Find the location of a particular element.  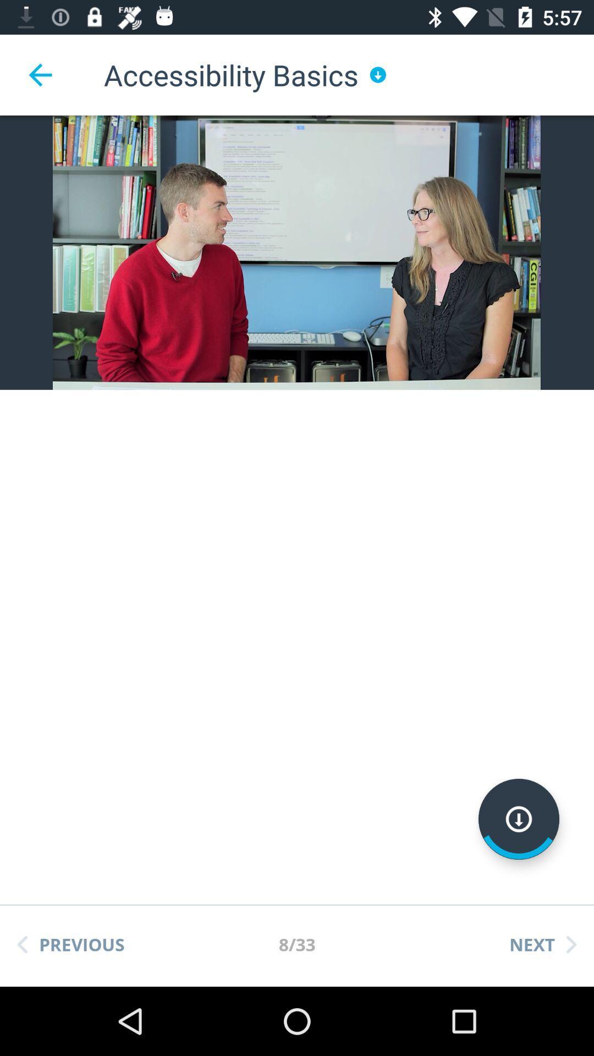

switch autoplay option is located at coordinates (519, 819).